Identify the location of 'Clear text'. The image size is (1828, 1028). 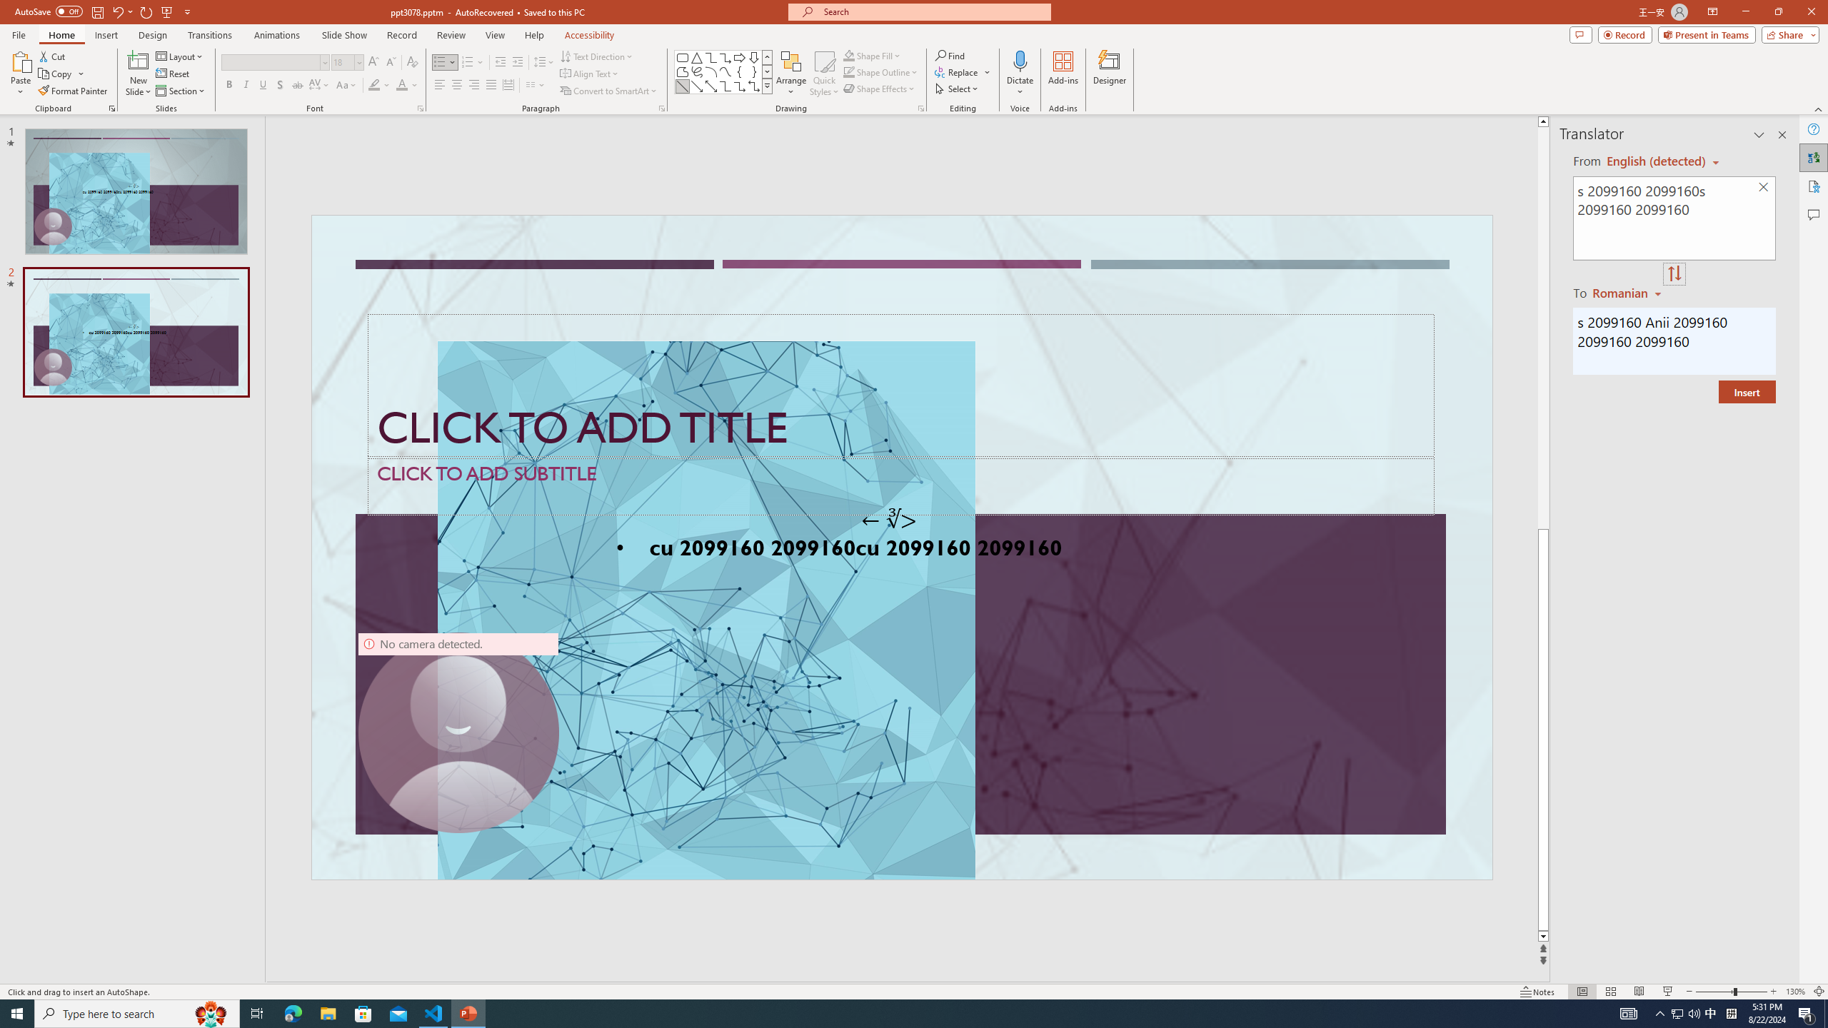
(1764, 188).